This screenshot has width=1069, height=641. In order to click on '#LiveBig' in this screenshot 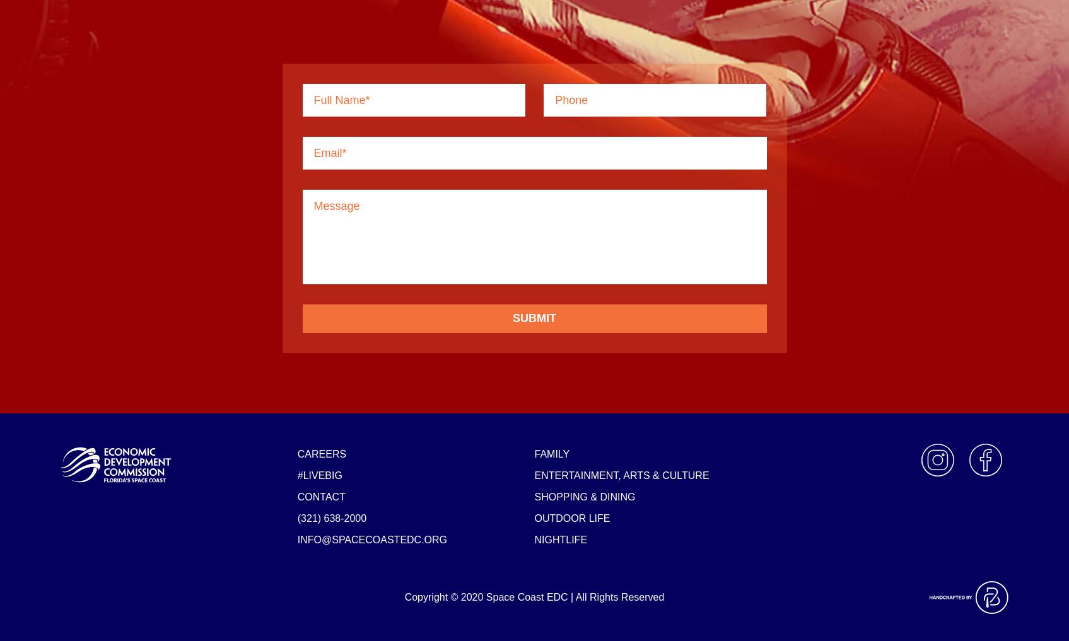, I will do `click(318, 475)`.